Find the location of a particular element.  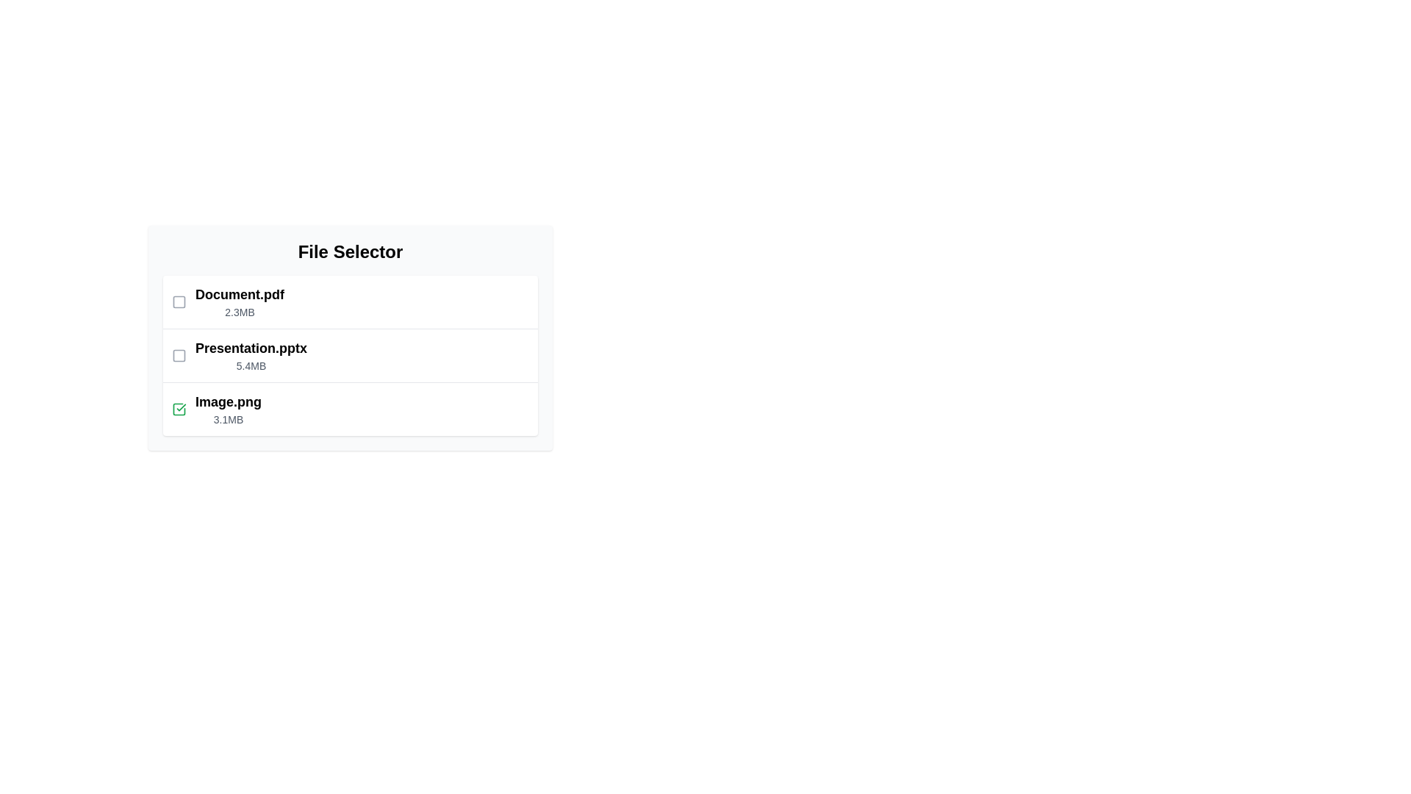

the file Document.pdf by clicking its checkbox is located at coordinates (179, 301).